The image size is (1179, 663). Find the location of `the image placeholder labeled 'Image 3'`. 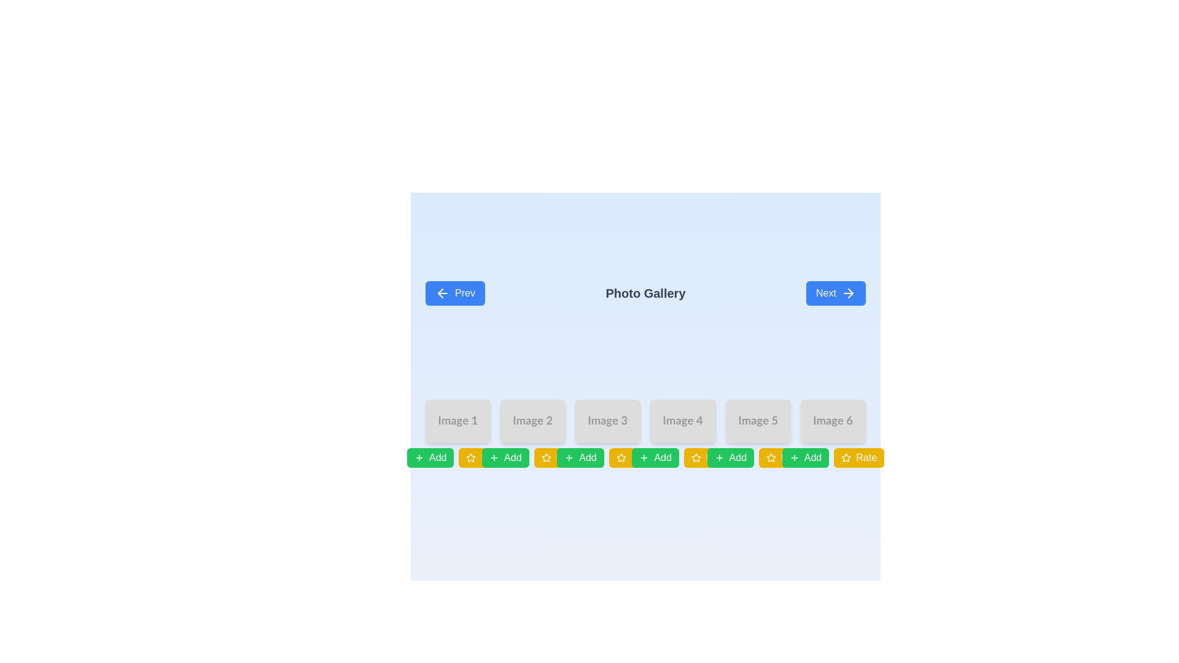

the image placeholder labeled 'Image 3' is located at coordinates (608, 421).